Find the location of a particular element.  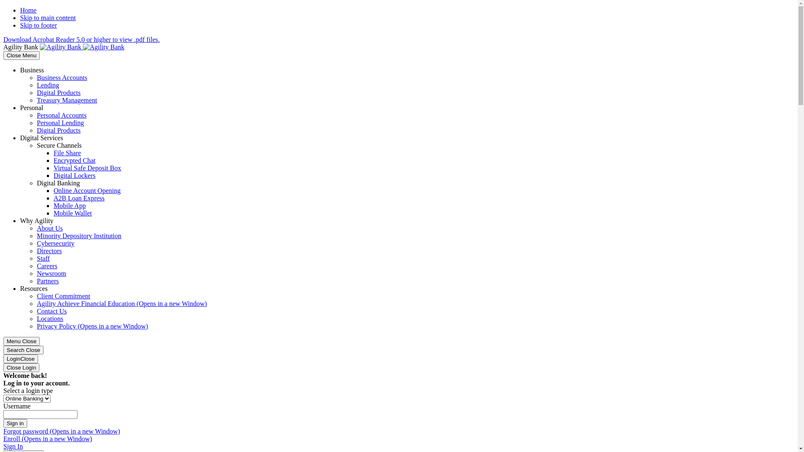

'Minority Depository Institution' is located at coordinates (79, 236).